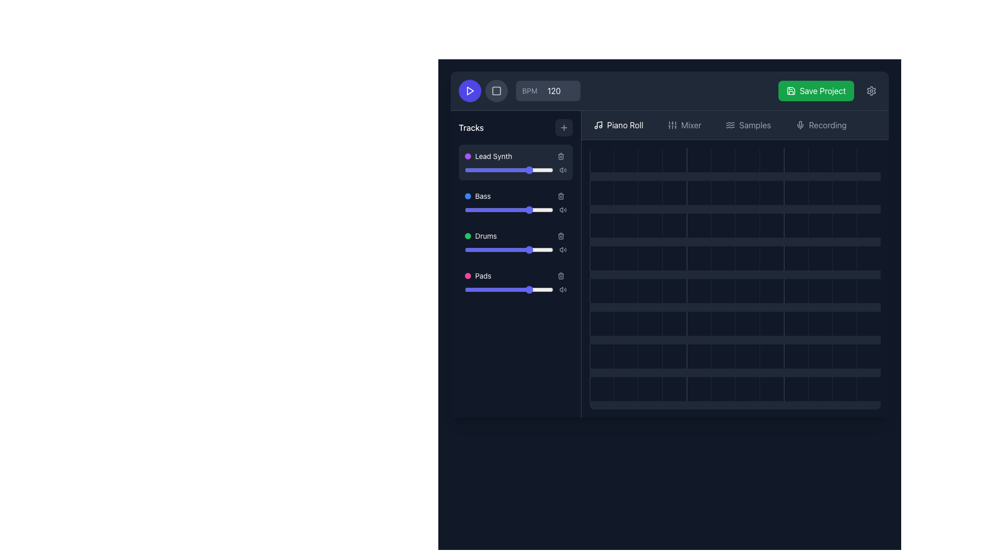  What do you see at coordinates (820, 225) in the screenshot?
I see `the interactive Square grid cell located at the eleventh column of the third row within the grid layout` at bounding box center [820, 225].